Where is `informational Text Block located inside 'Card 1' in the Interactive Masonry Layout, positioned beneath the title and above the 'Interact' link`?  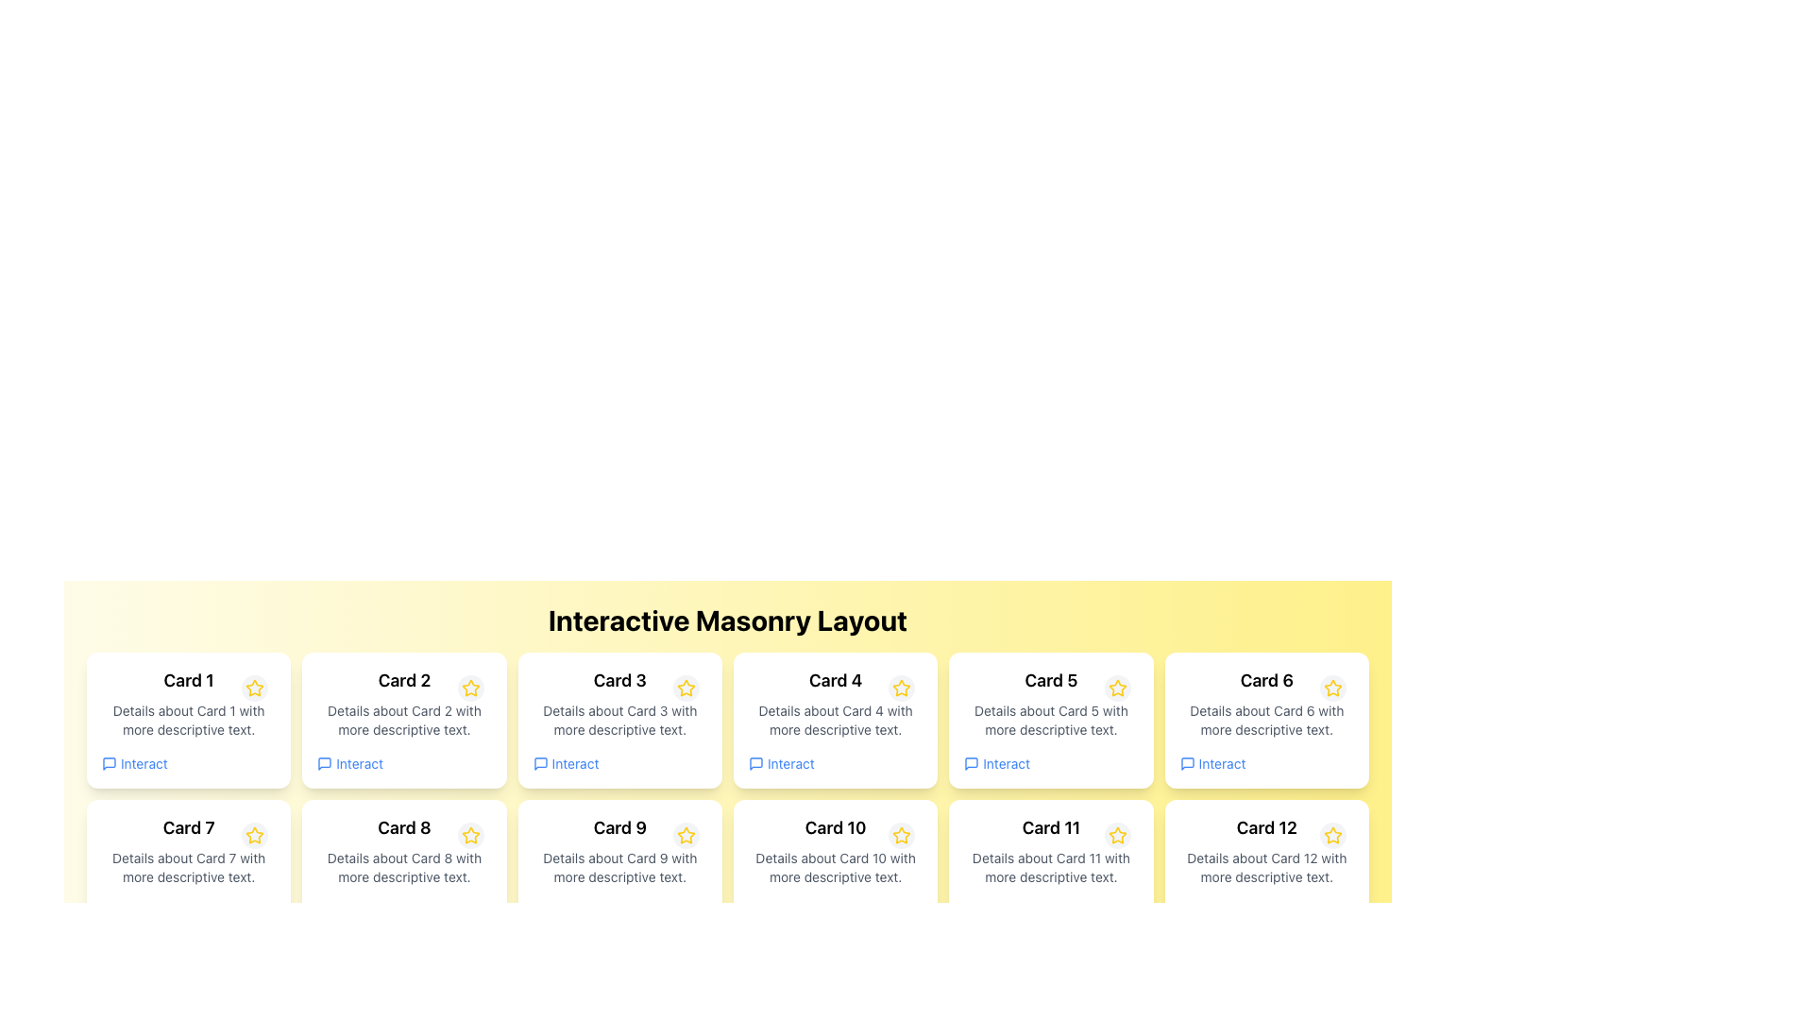
informational Text Block located inside 'Card 1' in the Interactive Masonry Layout, positioned beneath the title and above the 'Interact' link is located at coordinates (189, 721).